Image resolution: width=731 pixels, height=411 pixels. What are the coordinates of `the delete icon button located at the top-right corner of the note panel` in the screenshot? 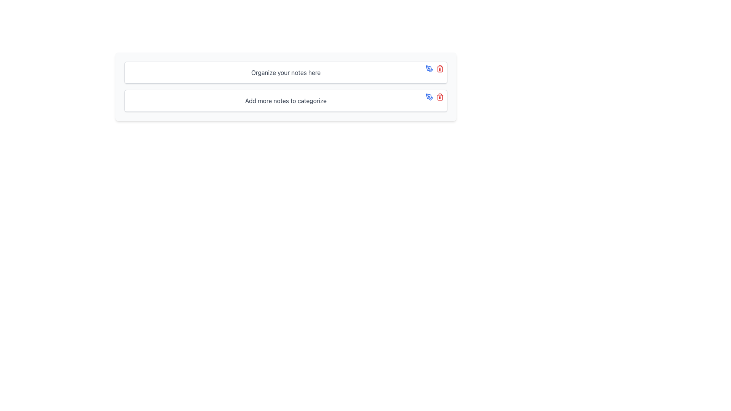 It's located at (440, 69).